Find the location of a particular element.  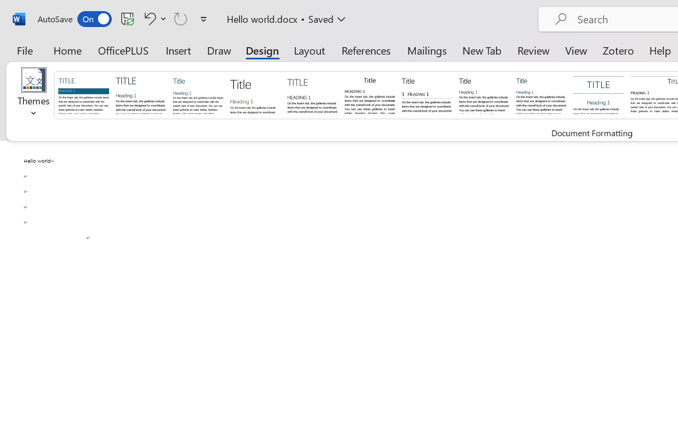

'Themes' is located at coordinates (34, 95).